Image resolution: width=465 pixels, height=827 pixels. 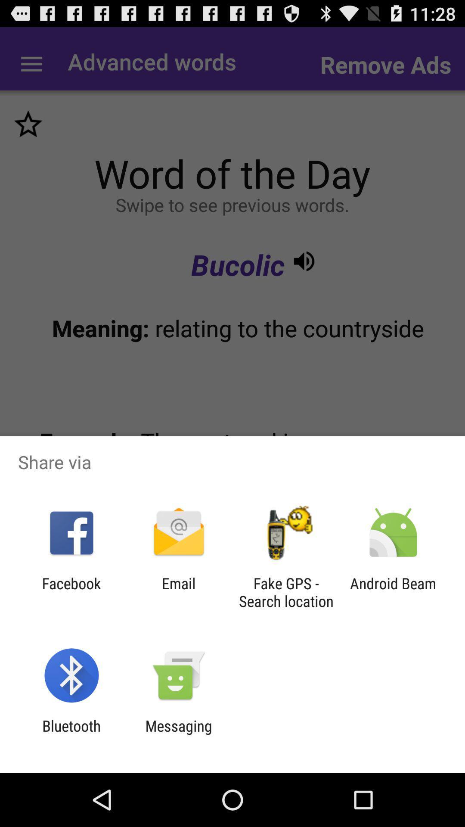 I want to click on the bluetooth icon, so click(x=71, y=734).